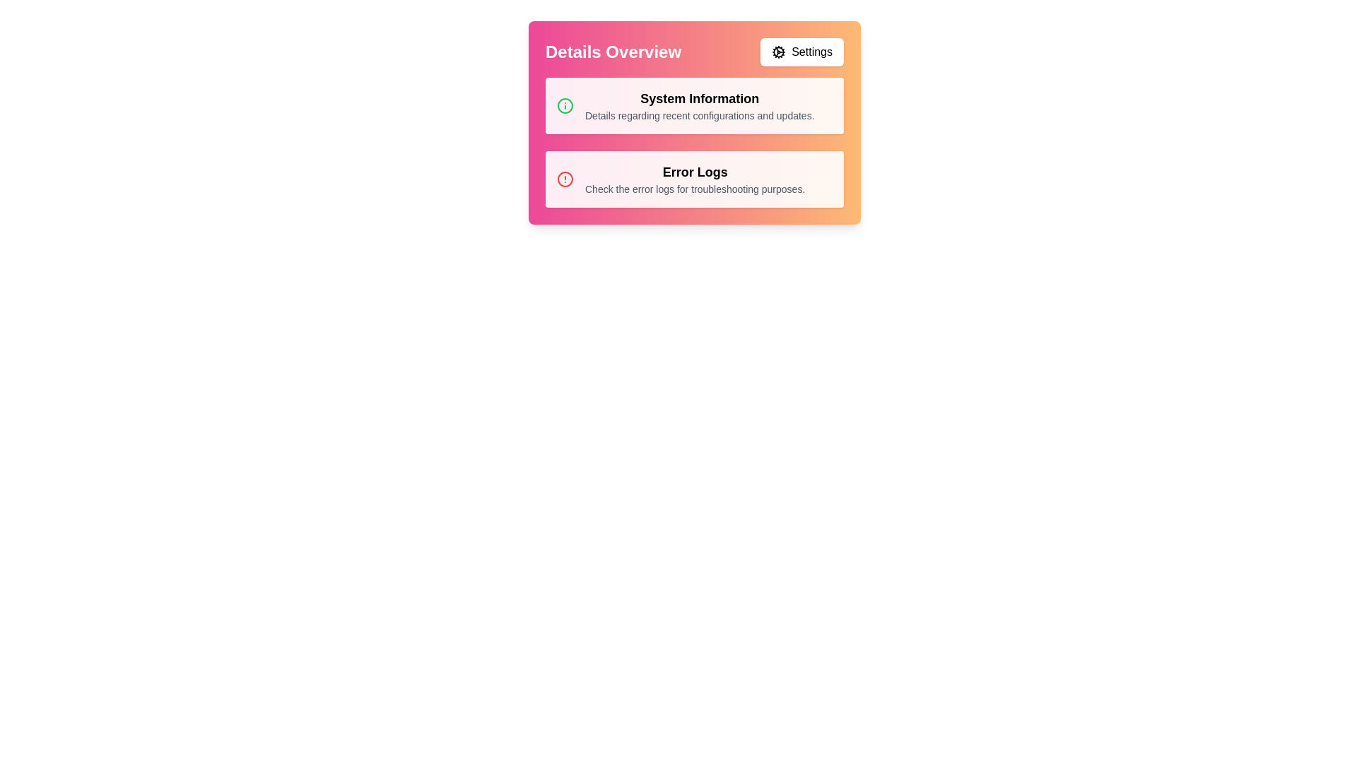 The height and width of the screenshot is (763, 1357). Describe the element at coordinates (565, 105) in the screenshot. I see `the decorative icon located to the left of the 'System Information' title in the top information block` at that location.